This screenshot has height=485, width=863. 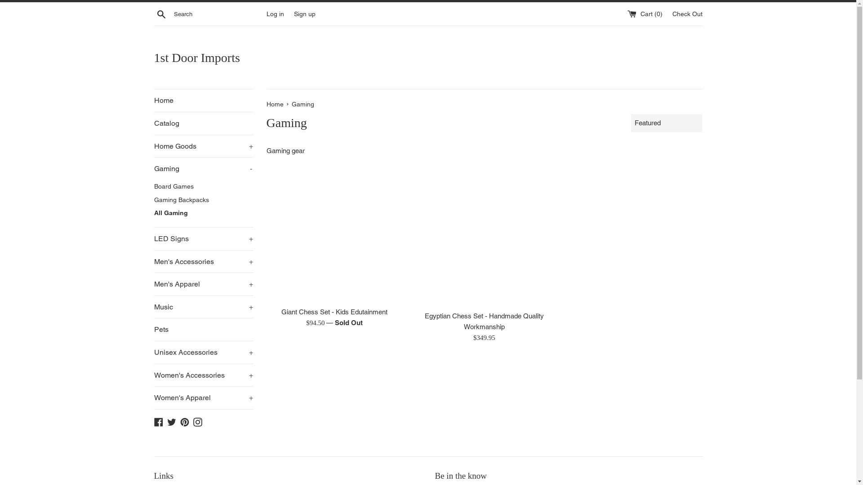 What do you see at coordinates (153, 421) in the screenshot?
I see `'Facebook'` at bounding box center [153, 421].